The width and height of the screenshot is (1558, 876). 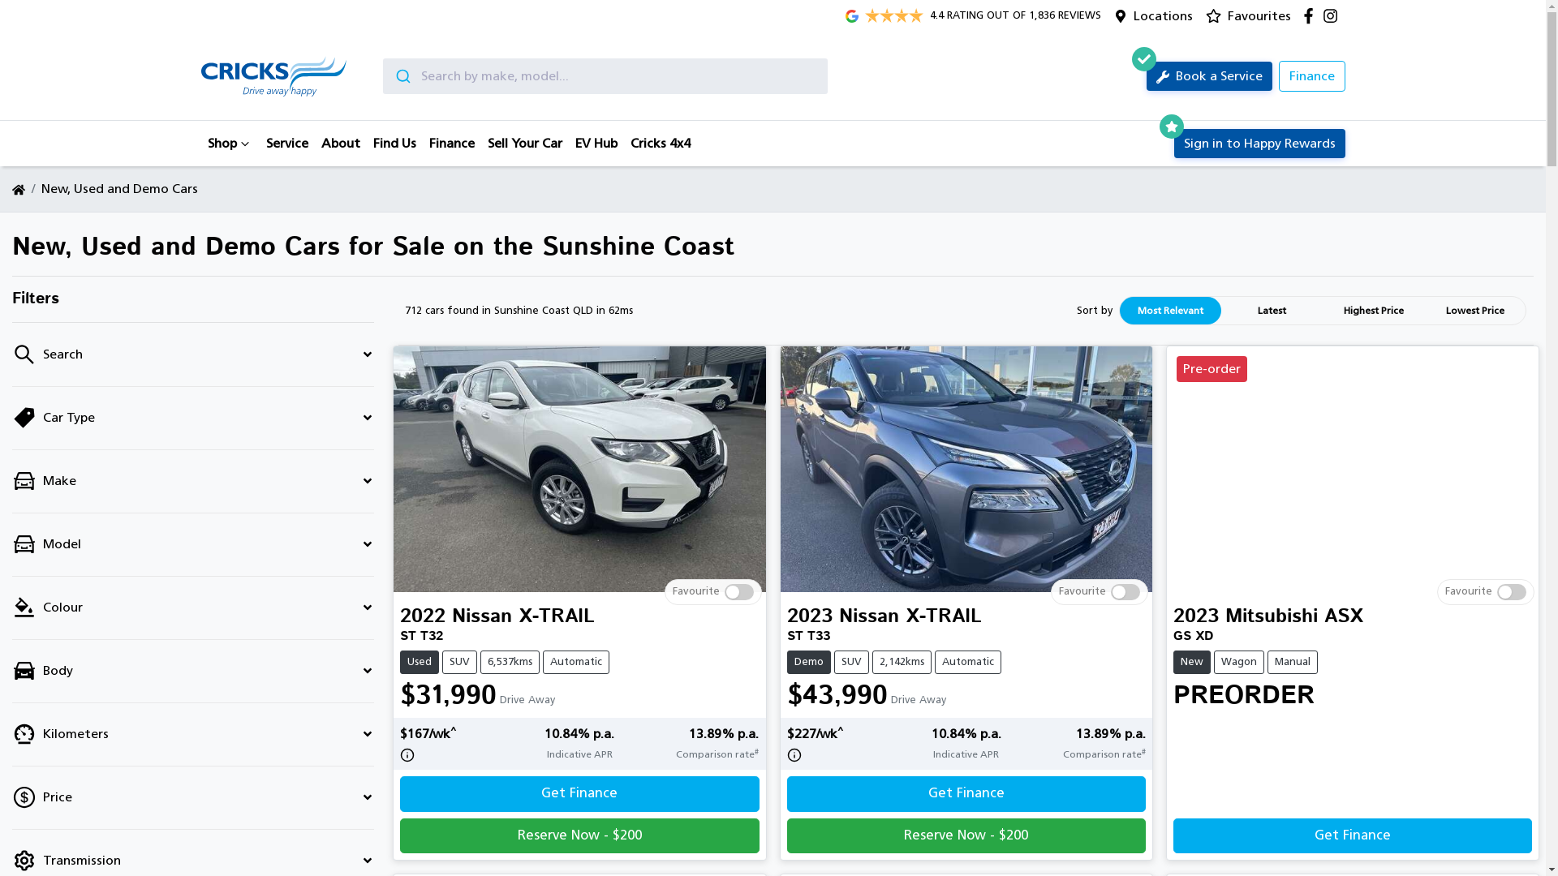 What do you see at coordinates (193, 608) in the screenshot?
I see `'Colour'` at bounding box center [193, 608].